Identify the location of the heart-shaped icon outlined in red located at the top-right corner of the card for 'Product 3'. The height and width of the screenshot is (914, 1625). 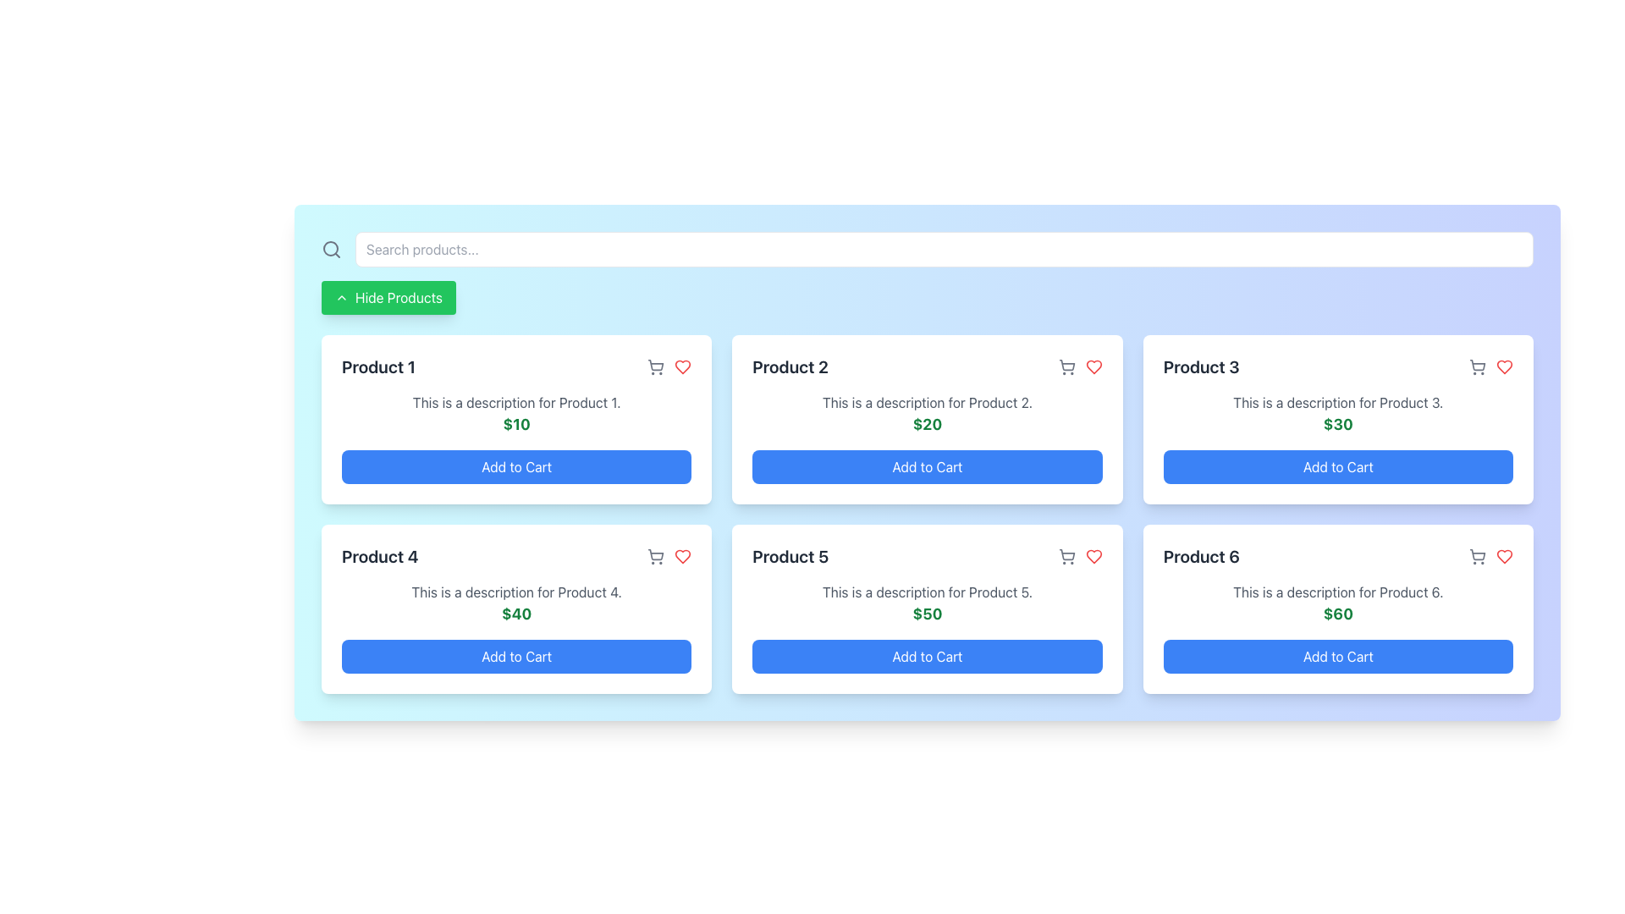
(1504, 366).